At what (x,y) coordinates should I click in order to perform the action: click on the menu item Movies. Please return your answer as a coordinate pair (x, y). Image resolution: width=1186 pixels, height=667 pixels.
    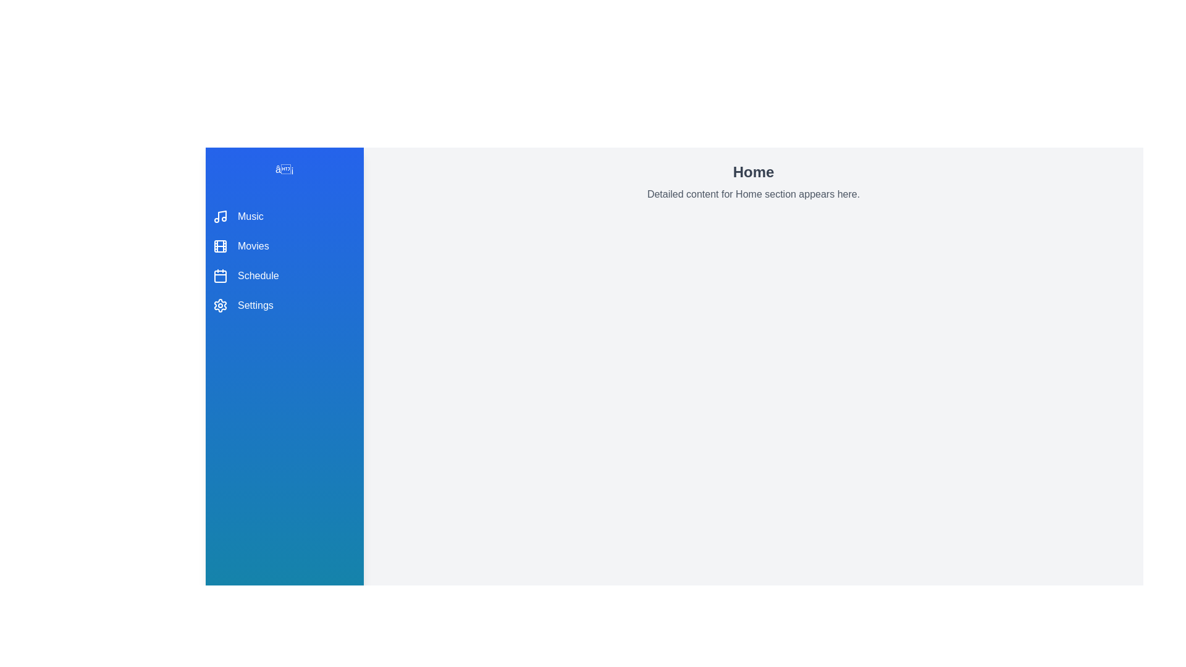
    Looking at the image, I should click on (284, 246).